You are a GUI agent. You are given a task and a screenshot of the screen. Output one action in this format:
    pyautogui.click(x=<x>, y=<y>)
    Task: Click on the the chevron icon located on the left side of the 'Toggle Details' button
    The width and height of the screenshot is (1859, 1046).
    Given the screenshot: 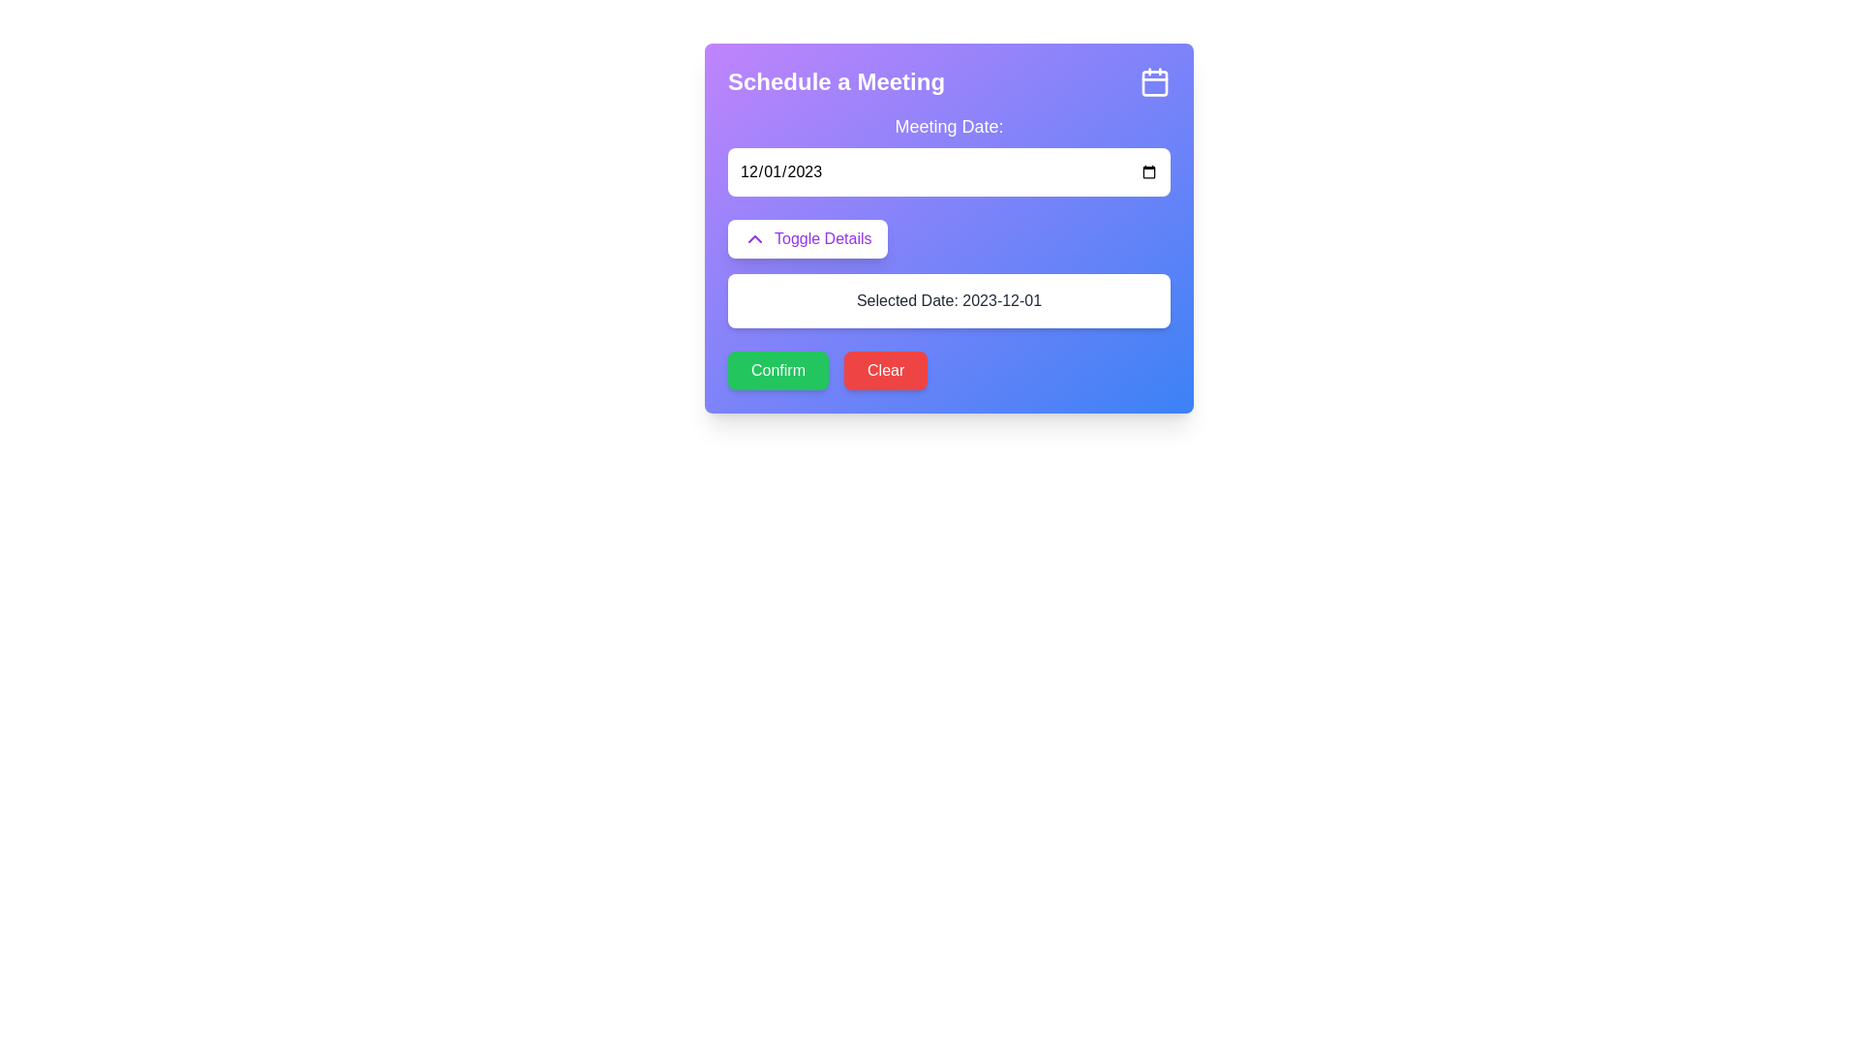 What is the action you would take?
    pyautogui.click(x=753, y=237)
    